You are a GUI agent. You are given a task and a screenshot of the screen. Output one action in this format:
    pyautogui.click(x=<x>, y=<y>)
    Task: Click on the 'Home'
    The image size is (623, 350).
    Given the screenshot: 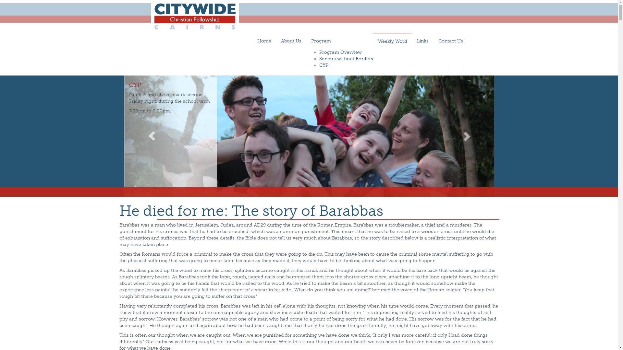 What is the action you would take?
    pyautogui.click(x=264, y=41)
    